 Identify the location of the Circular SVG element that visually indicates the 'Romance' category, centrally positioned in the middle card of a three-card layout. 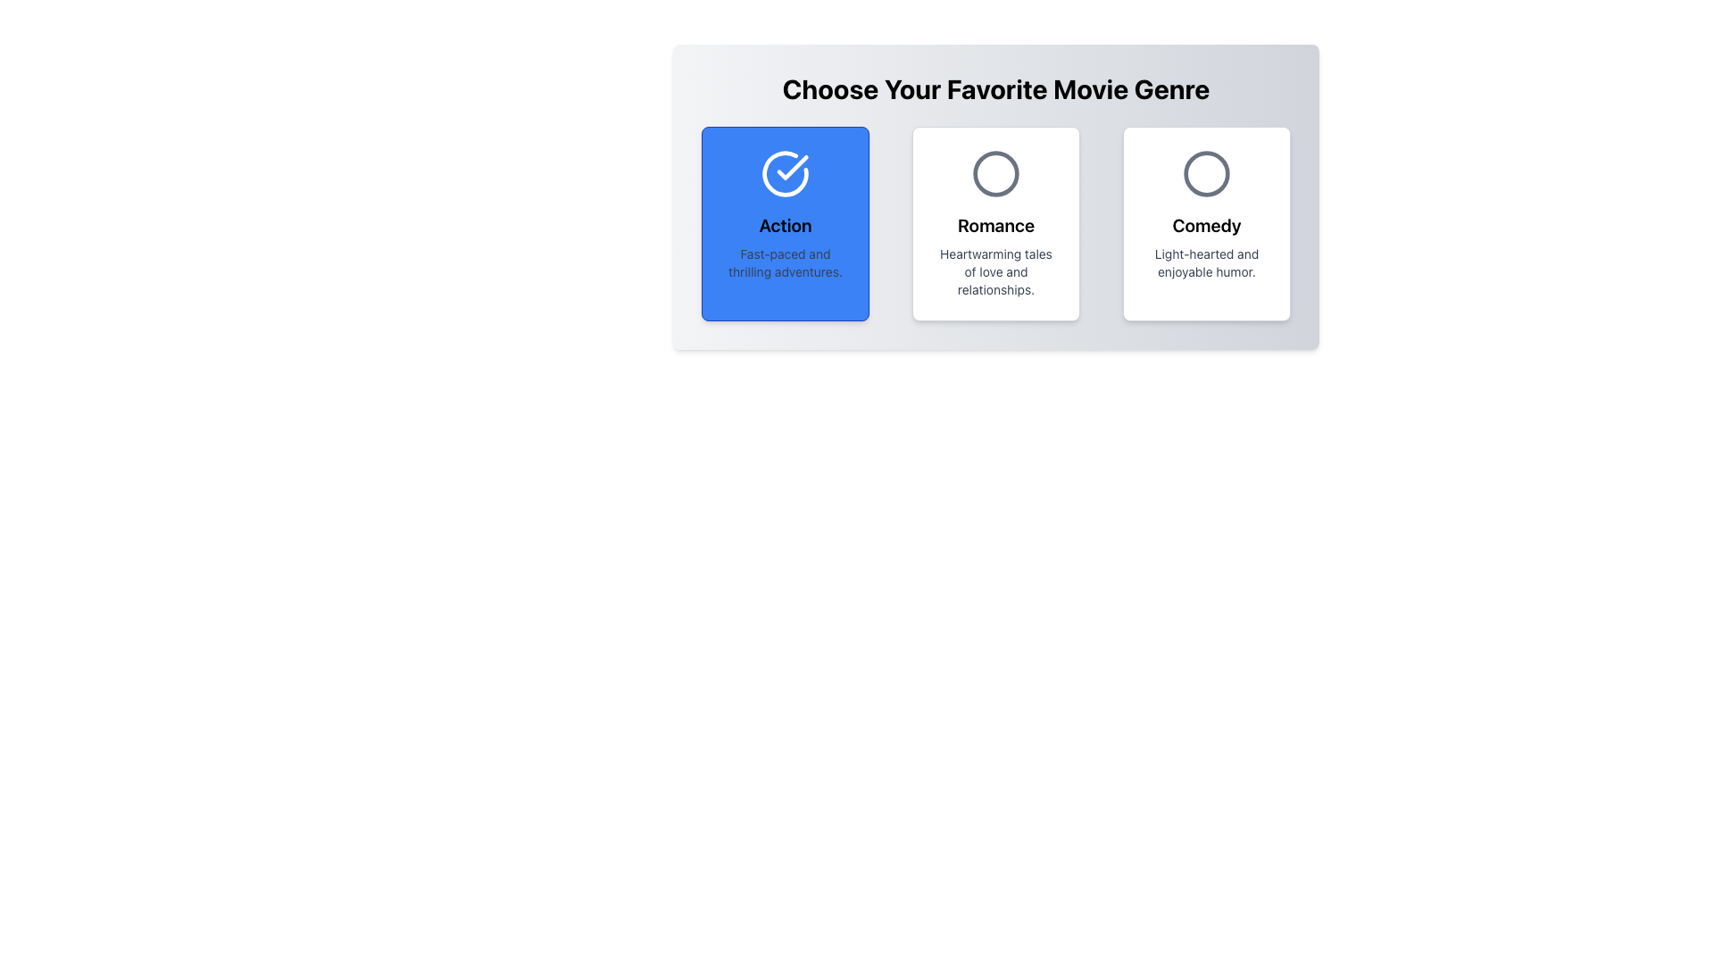
(995, 174).